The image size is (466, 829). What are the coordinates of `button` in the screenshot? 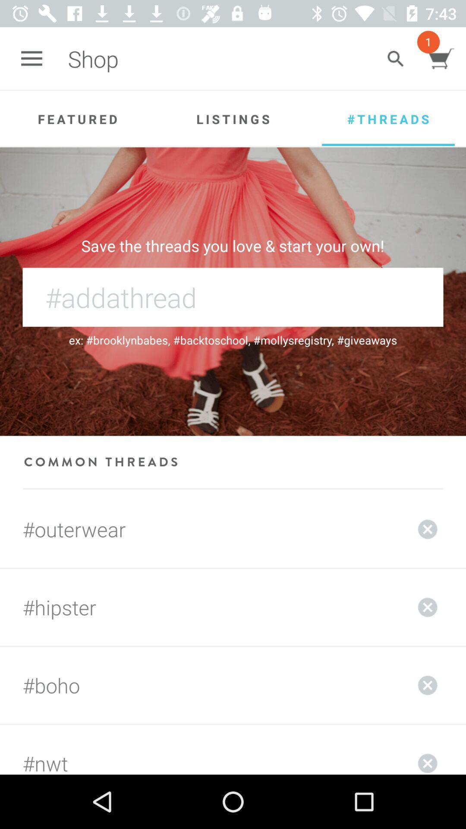 It's located at (428, 749).